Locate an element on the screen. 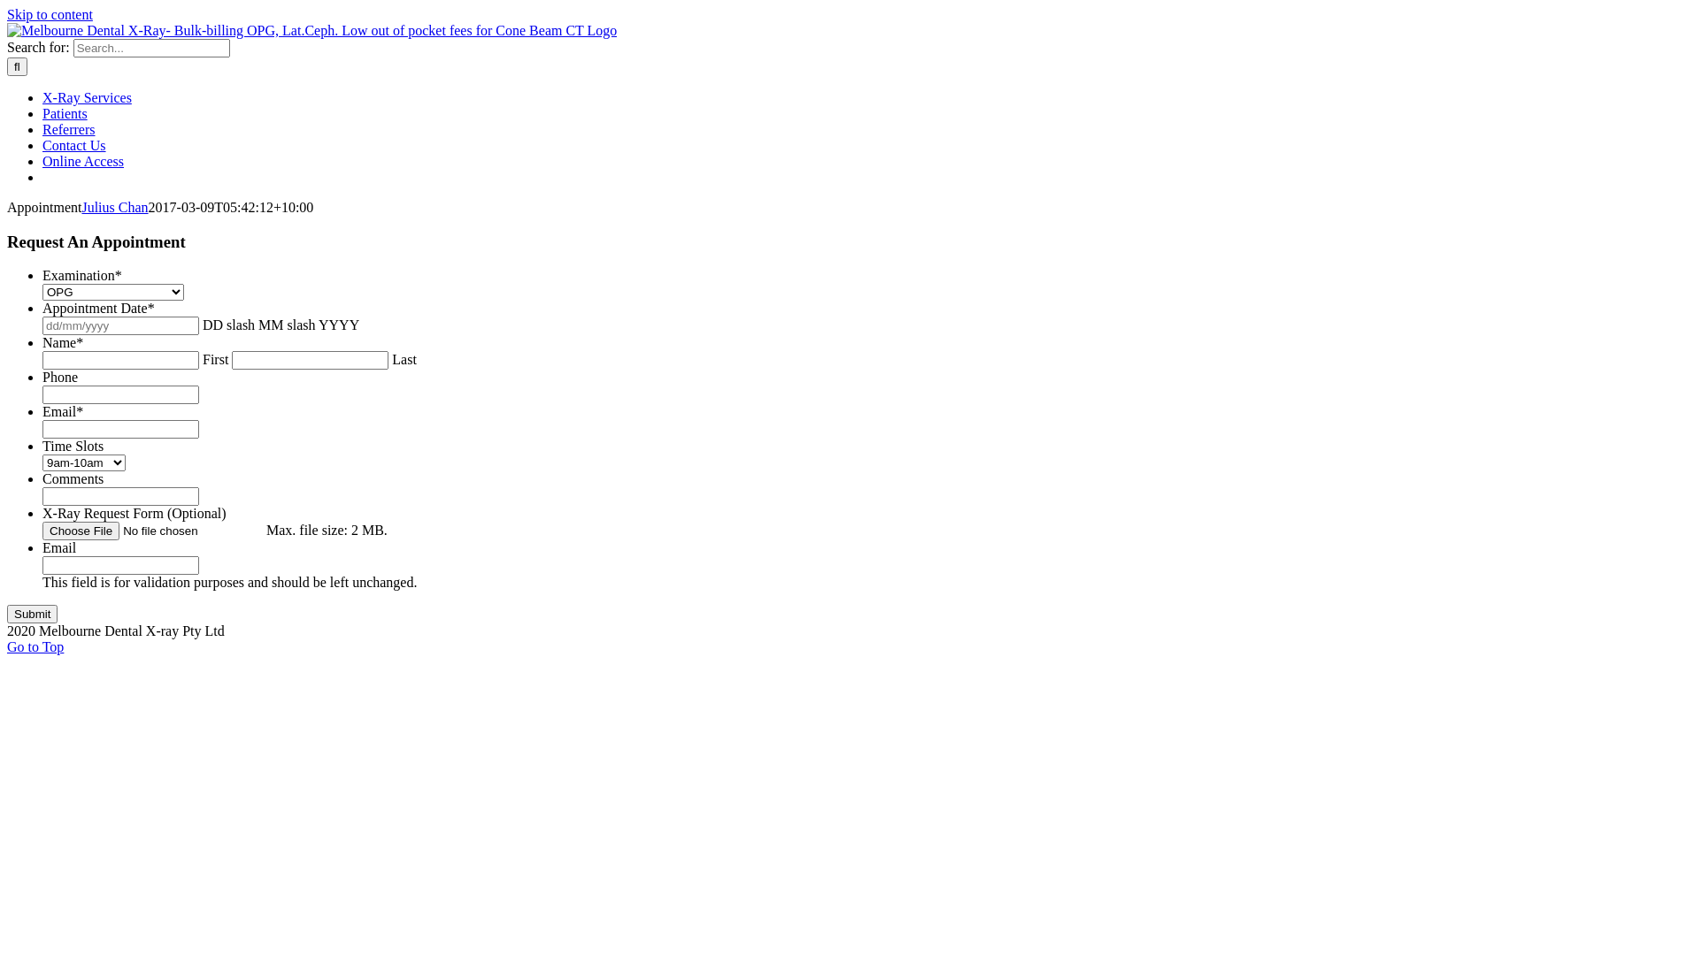  'Go to Top' is located at coordinates (35, 646).